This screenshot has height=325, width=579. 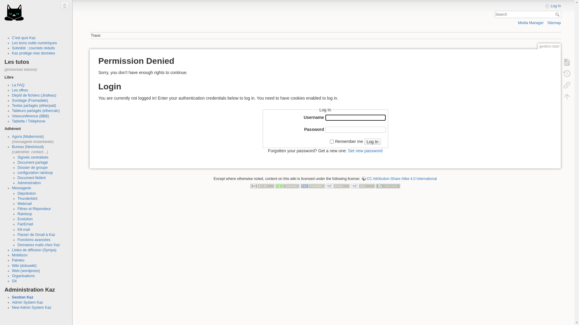 I want to click on 'Admin System Kaz', so click(x=27, y=302).